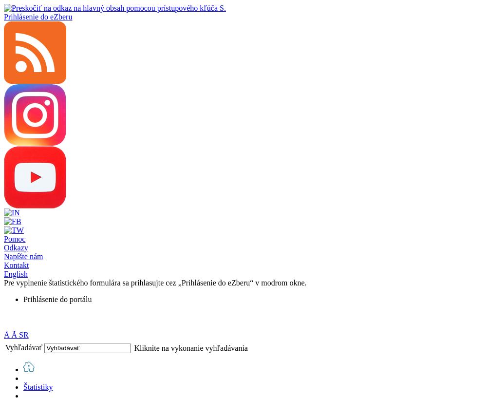 The height and width of the screenshot is (398, 487). What do you see at coordinates (190, 347) in the screenshot?
I see `'Kliknite na vykonanie vyhľadávania'` at bounding box center [190, 347].